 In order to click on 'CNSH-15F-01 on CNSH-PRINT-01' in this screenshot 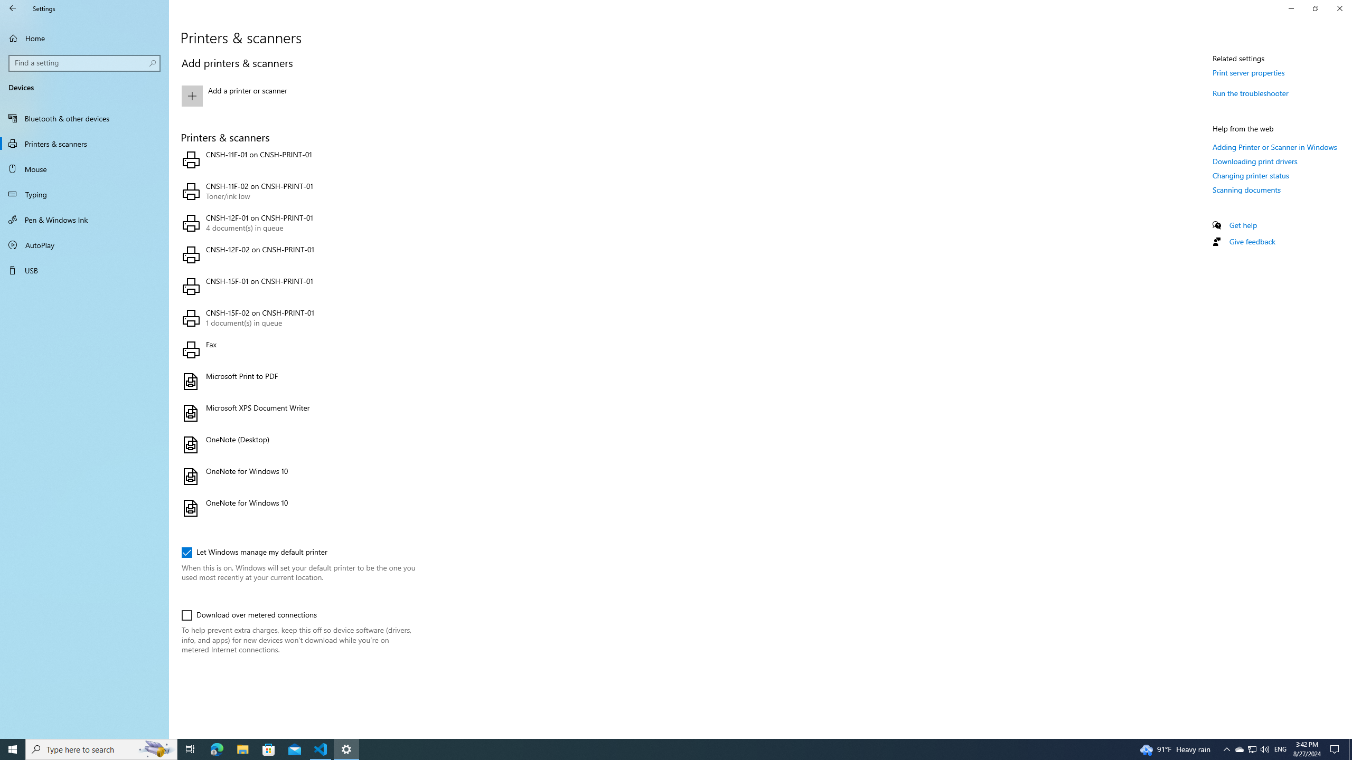, I will do `click(296, 286)`.